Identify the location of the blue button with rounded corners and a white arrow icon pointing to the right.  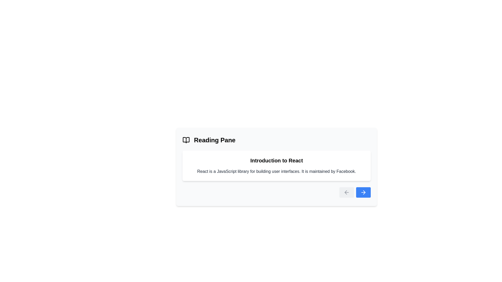
(363, 192).